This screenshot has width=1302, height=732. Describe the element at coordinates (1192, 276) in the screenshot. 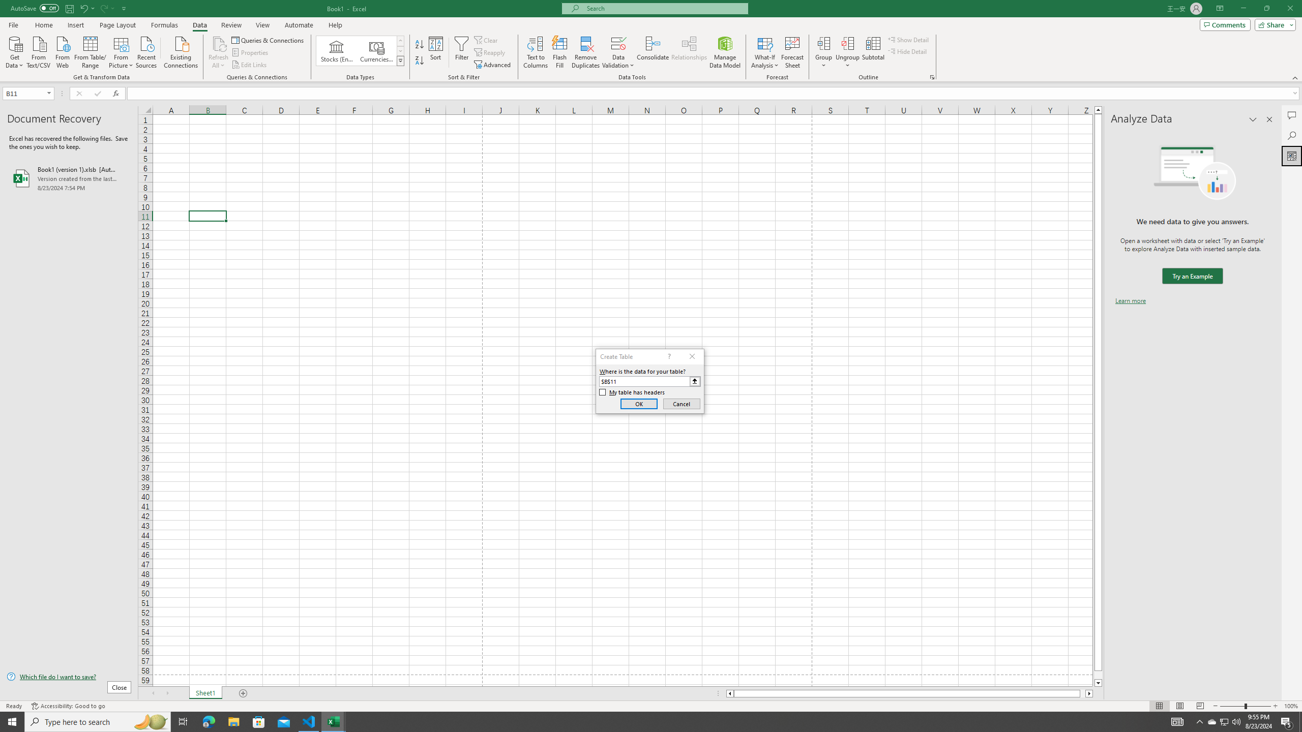

I see `'We need data to give you answers. Try an Example'` at that location.